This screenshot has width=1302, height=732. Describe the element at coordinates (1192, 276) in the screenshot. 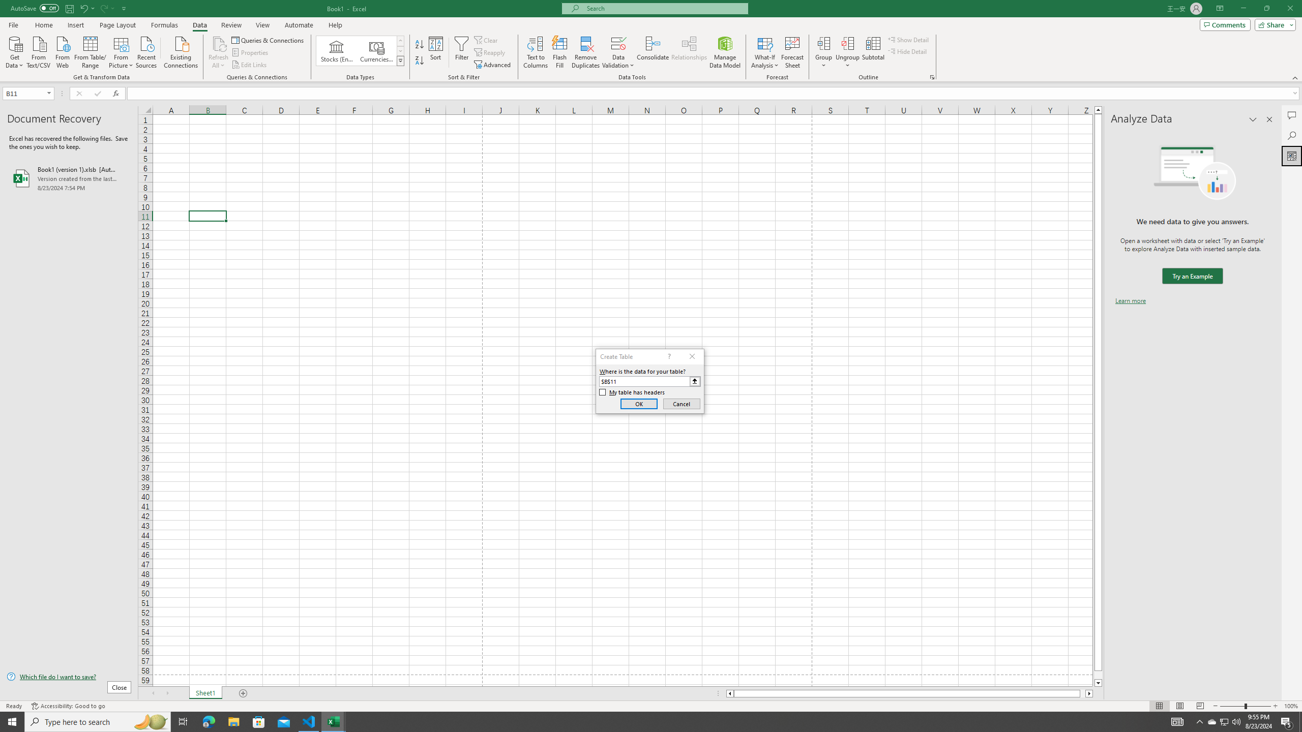

I see `'We need data to give you answers. Try an Example'` at that location.